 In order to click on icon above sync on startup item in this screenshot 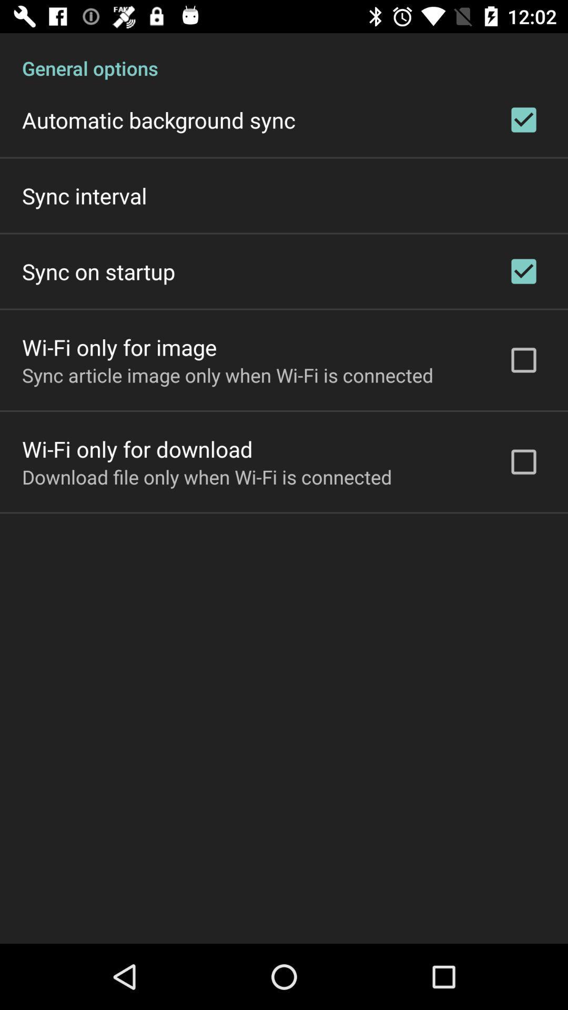, I will do `click(84, 196)`.